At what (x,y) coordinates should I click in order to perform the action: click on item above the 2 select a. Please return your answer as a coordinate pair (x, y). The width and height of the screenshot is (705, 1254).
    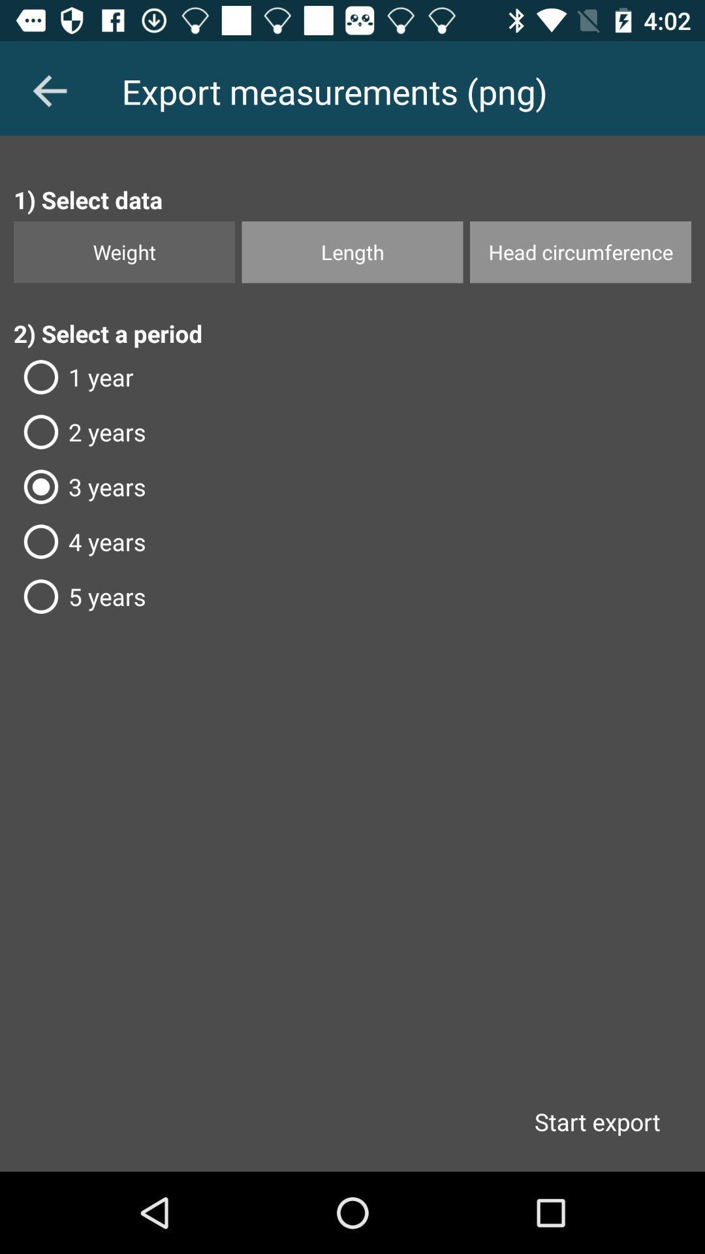
    Looking at the image, I should click on (352, 252).